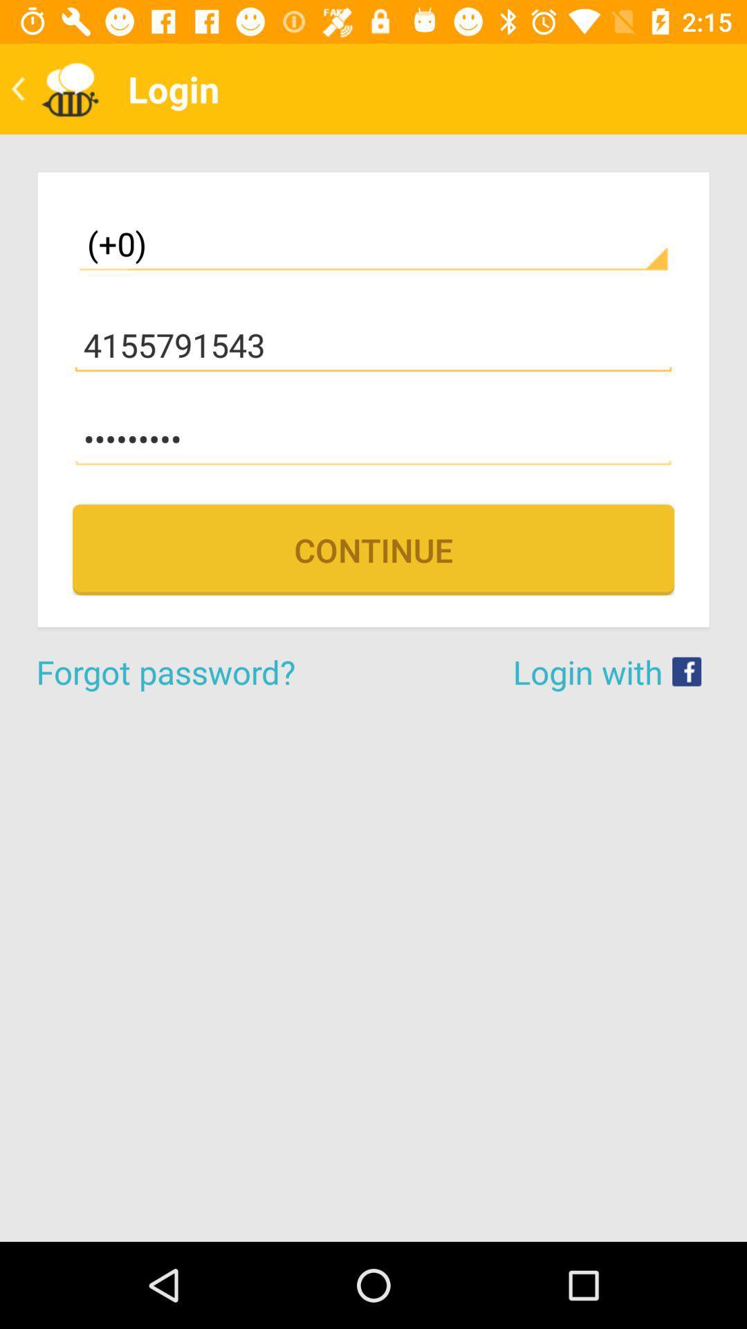 This screenshot has height=1329, width=747. I want to click on the forgot password? on the left, so click(205, 671).